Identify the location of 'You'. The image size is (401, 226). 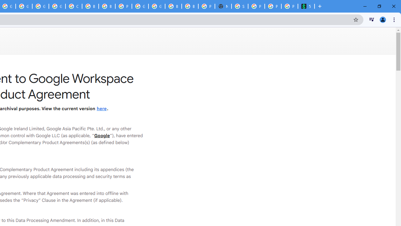
(382, 19).